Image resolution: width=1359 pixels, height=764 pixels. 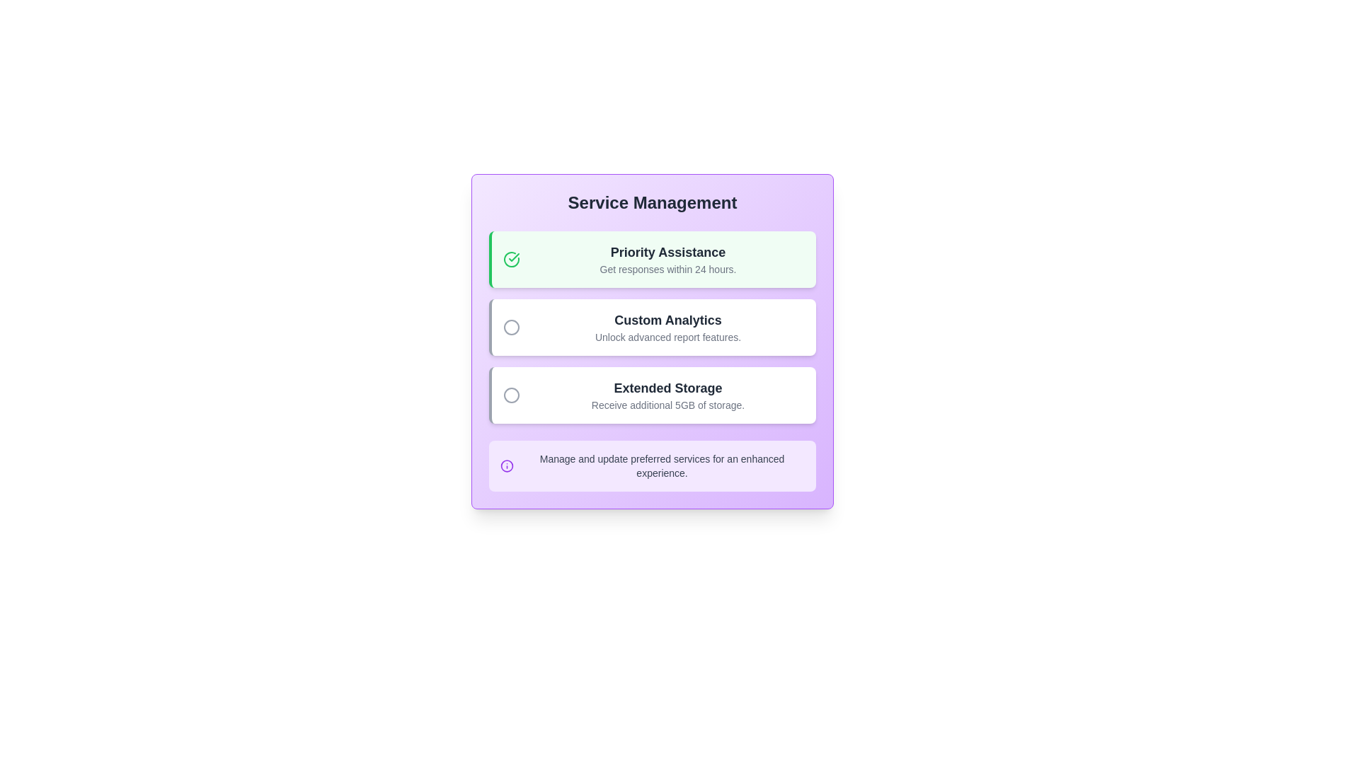 What do you see at coordinates (513, 257) in the screenshot?
I see `the checkmark icon indicating the active state for the 'Priority Assistance' service option, located within the green-highlighted area of the 'Service Management' section` at bounding box center [513, 257].